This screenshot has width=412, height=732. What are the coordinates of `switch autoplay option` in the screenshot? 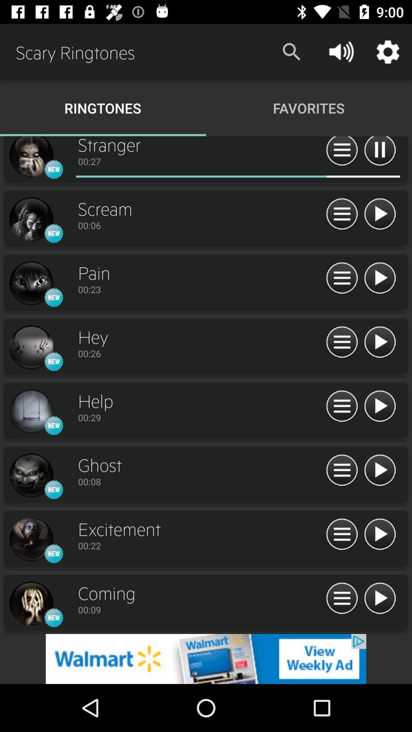 It's located at (380, 534).